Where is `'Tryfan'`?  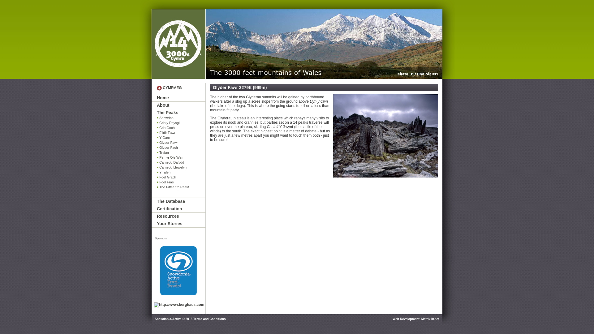
'Tryfan' is located at coordinates (181, 152).